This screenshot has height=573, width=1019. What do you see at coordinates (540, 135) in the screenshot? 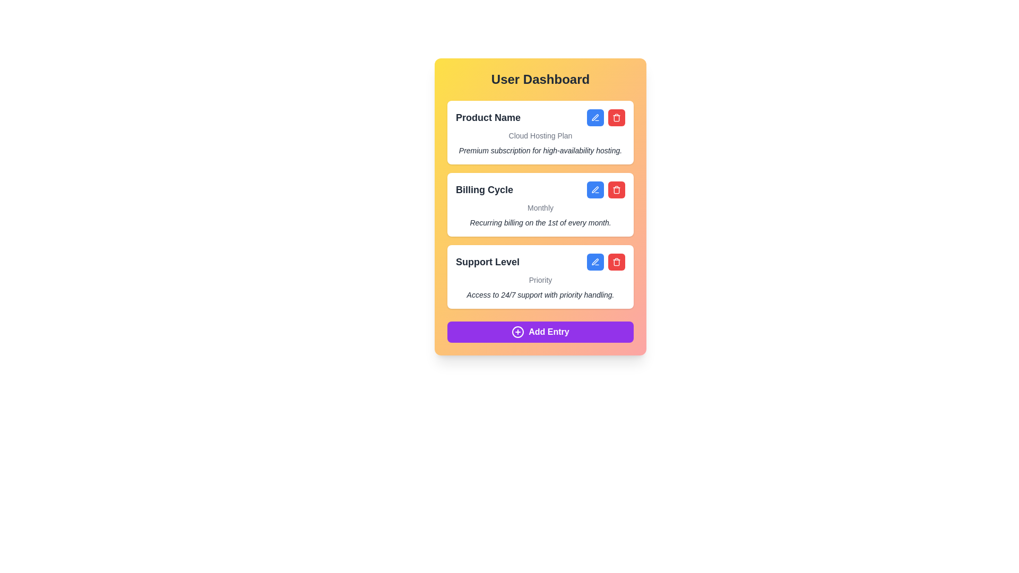
I see `the static text element that displays the name of the hosting plan, located below the 'Product Name' heading and above the description text in the User Dashboard` at bounding box center [540, 135].